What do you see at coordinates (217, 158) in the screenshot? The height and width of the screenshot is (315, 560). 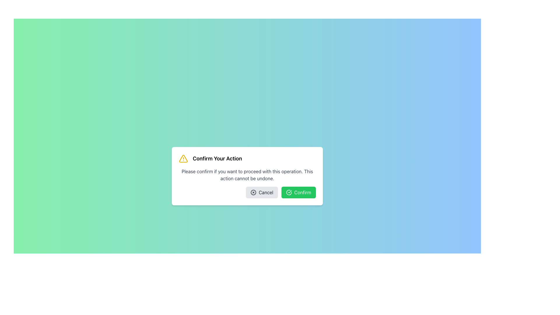 I see `the static text label that says 'Confirm Your Action', which is styled in bold and is part of a warning message, located to the right of a yellow triangular alert icon` at bounding box center [217, 158].